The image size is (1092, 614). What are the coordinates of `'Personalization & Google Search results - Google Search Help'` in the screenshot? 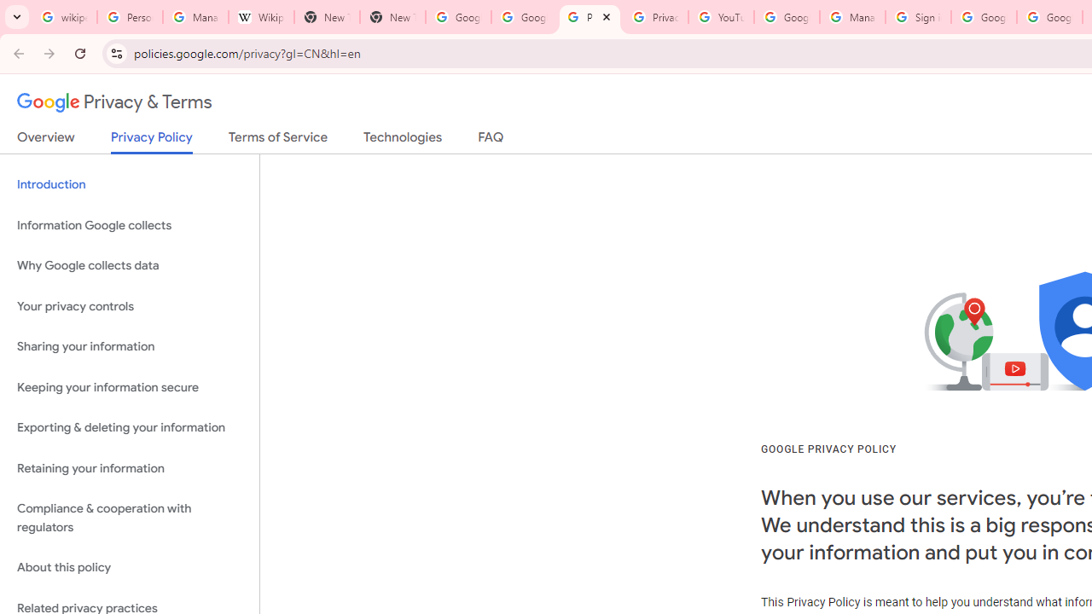 It's located at (129, 17).